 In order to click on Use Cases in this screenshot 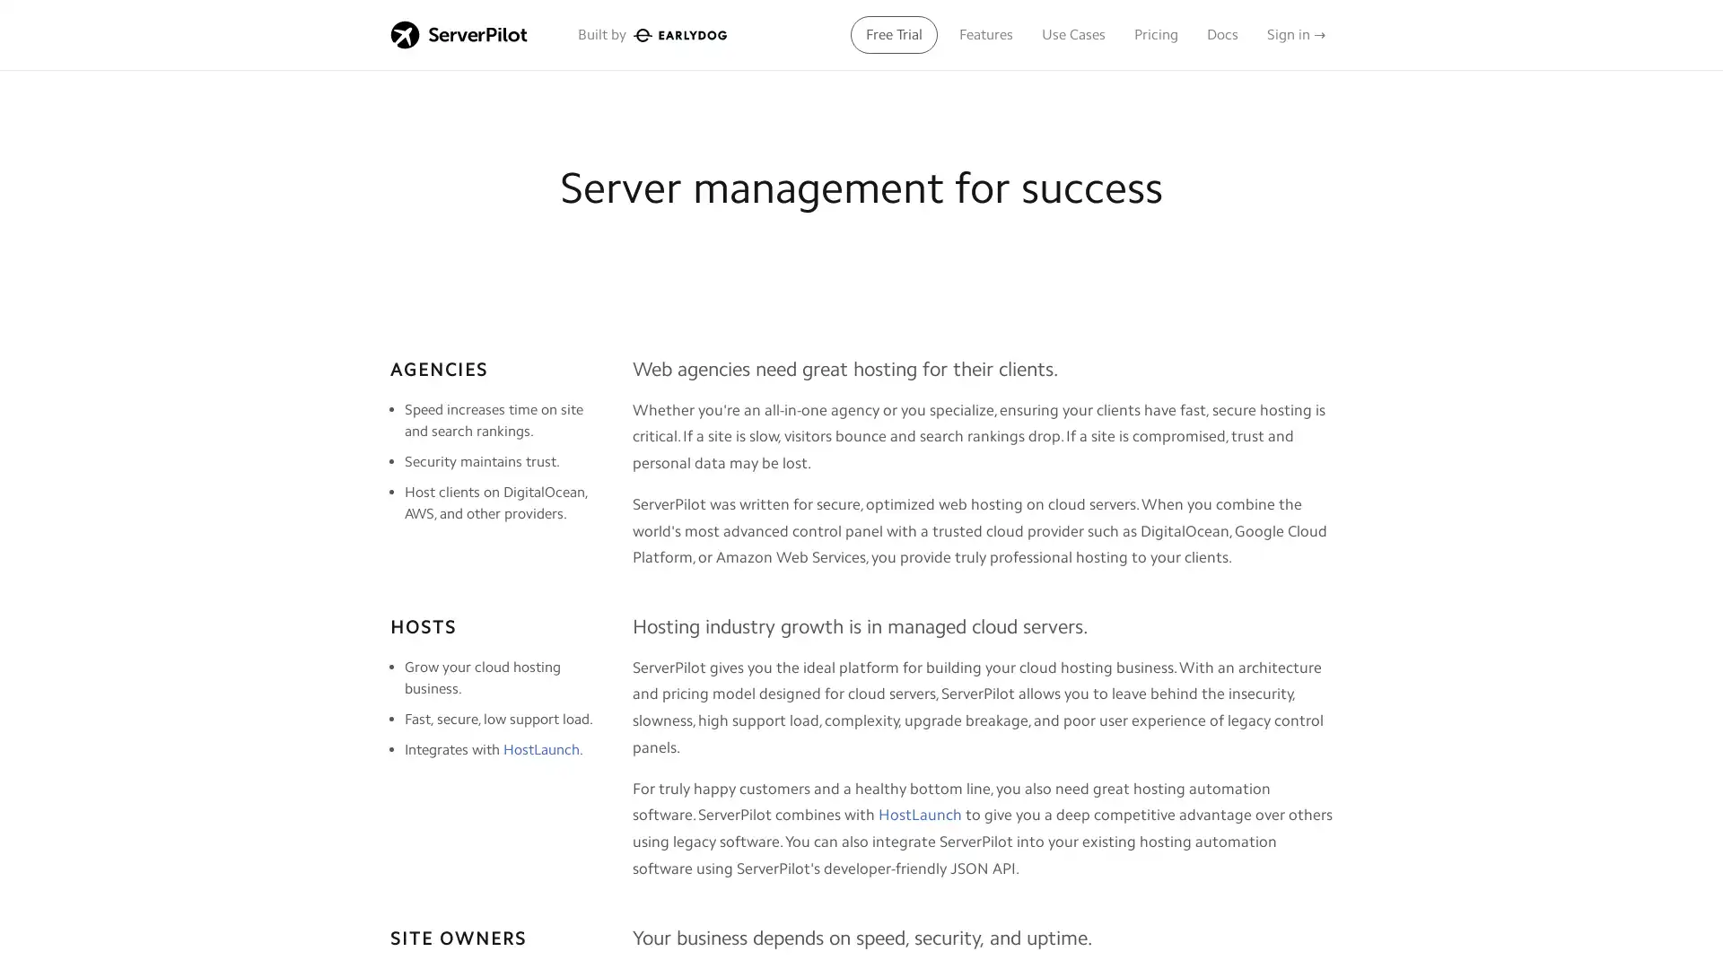, I will do `click(1073, 34)`.